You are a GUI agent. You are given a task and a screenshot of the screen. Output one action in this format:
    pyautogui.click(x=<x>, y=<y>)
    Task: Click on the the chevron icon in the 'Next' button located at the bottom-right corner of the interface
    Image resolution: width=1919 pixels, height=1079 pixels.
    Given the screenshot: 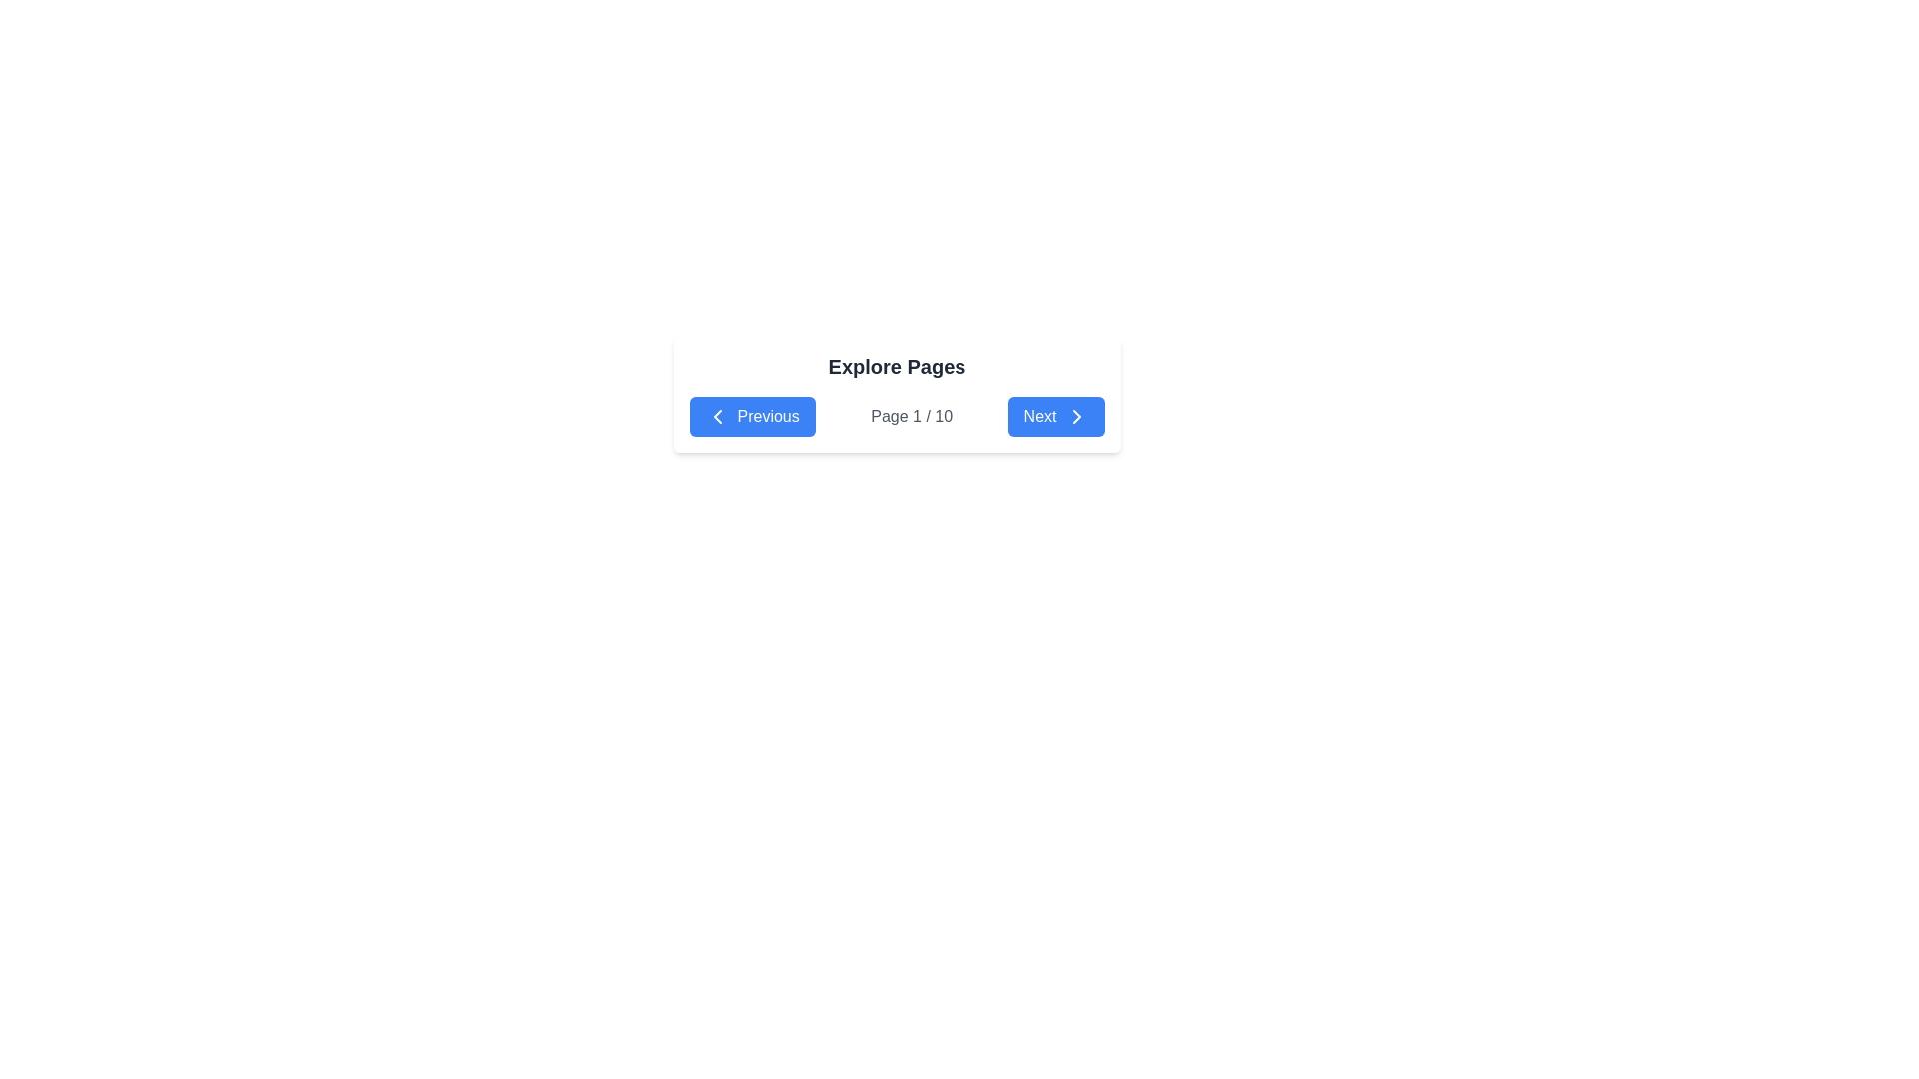 What is the action you would take?
    pyautogui.click(x=1075, y=415)
    